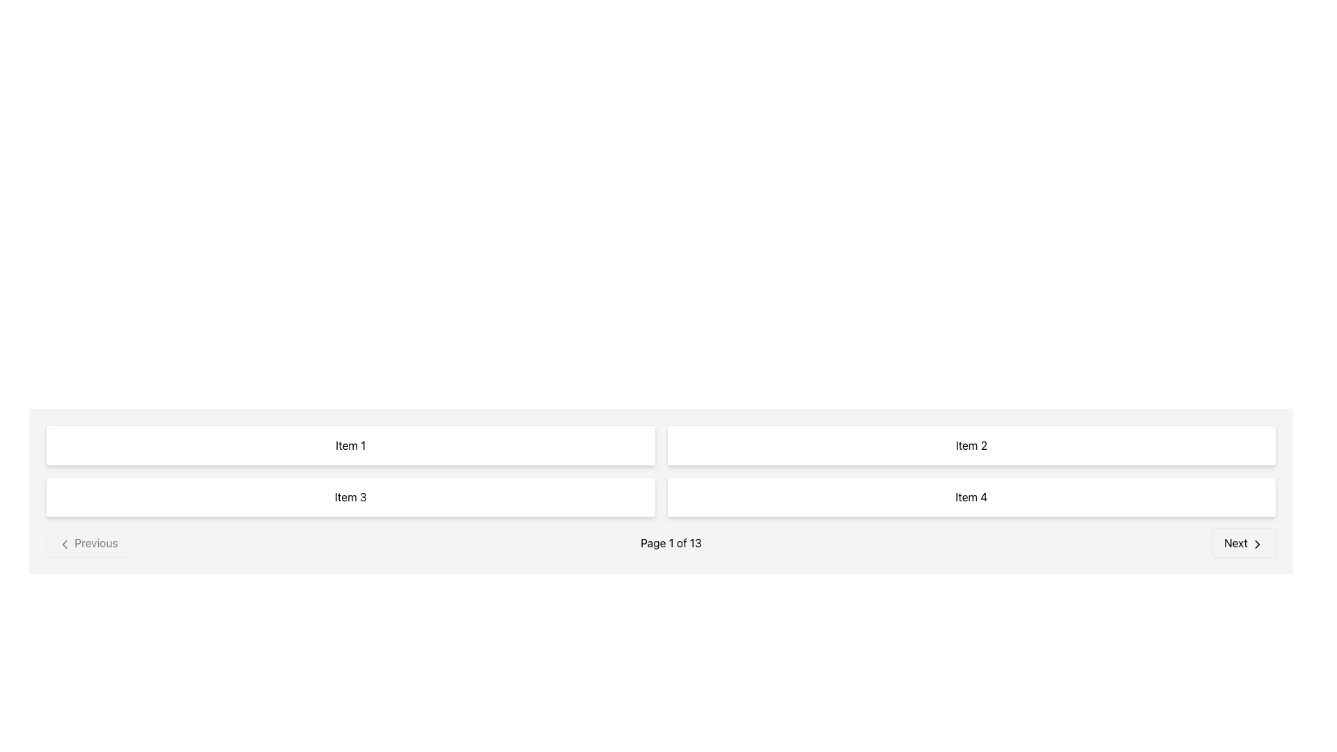  Describe the element at coordinates (350, 446) in the screenshot. I see `the static display label that presents 'Item 1', located in the top-left cell of a 2x2 grid layout` at that location.